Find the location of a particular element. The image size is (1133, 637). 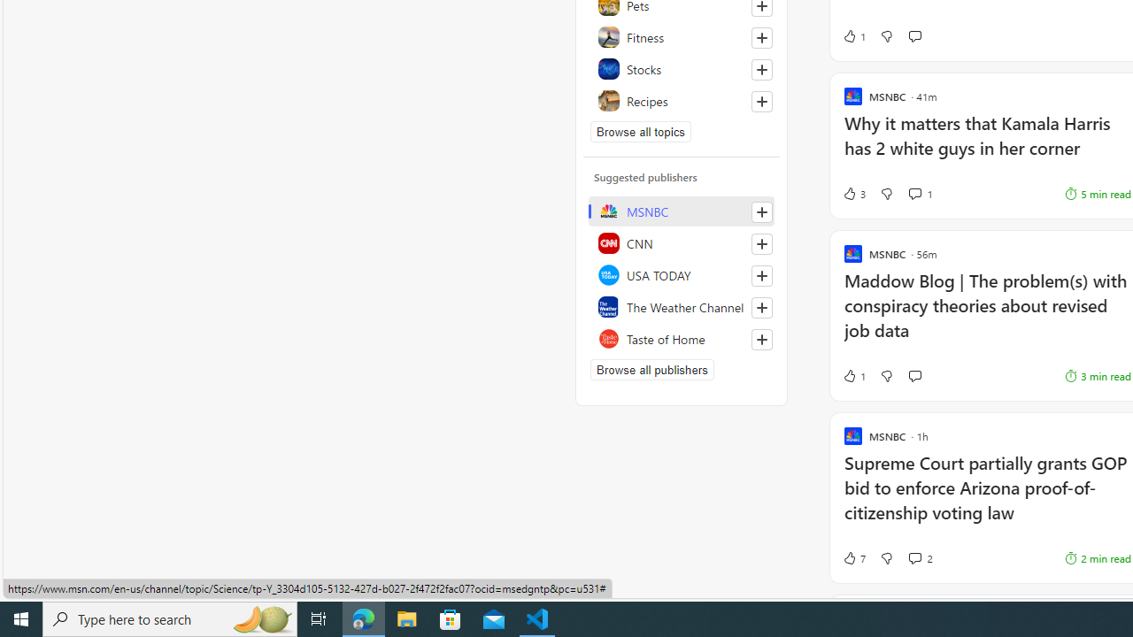

'Follow this source' is located at coordinates (761, 340).